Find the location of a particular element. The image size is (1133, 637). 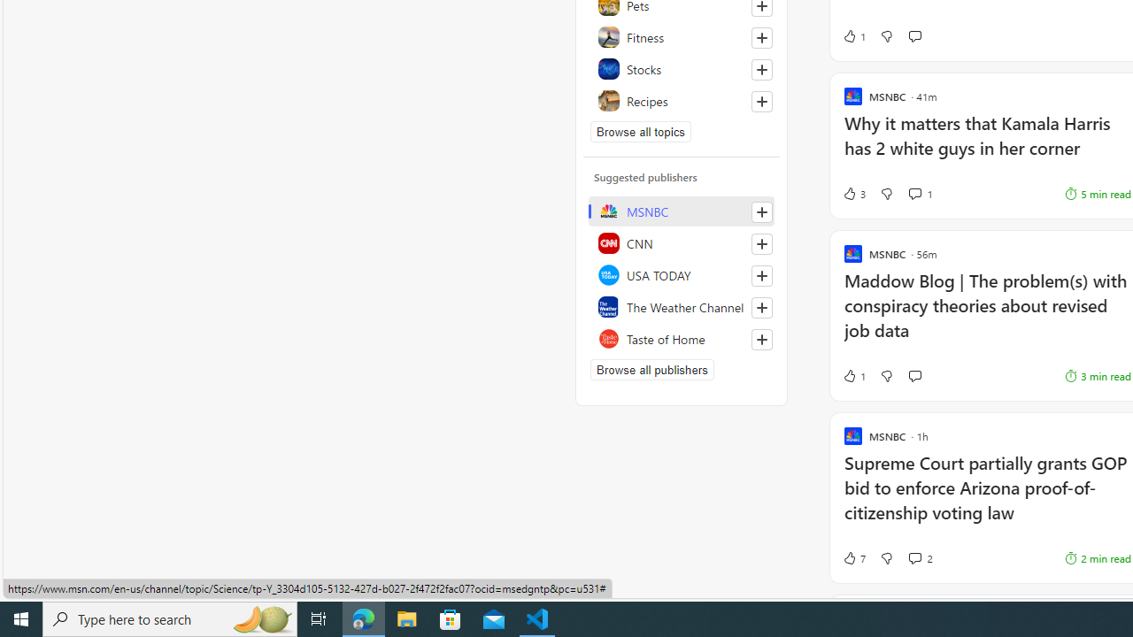

'Follow this source' is located at coordinates (761, 340).